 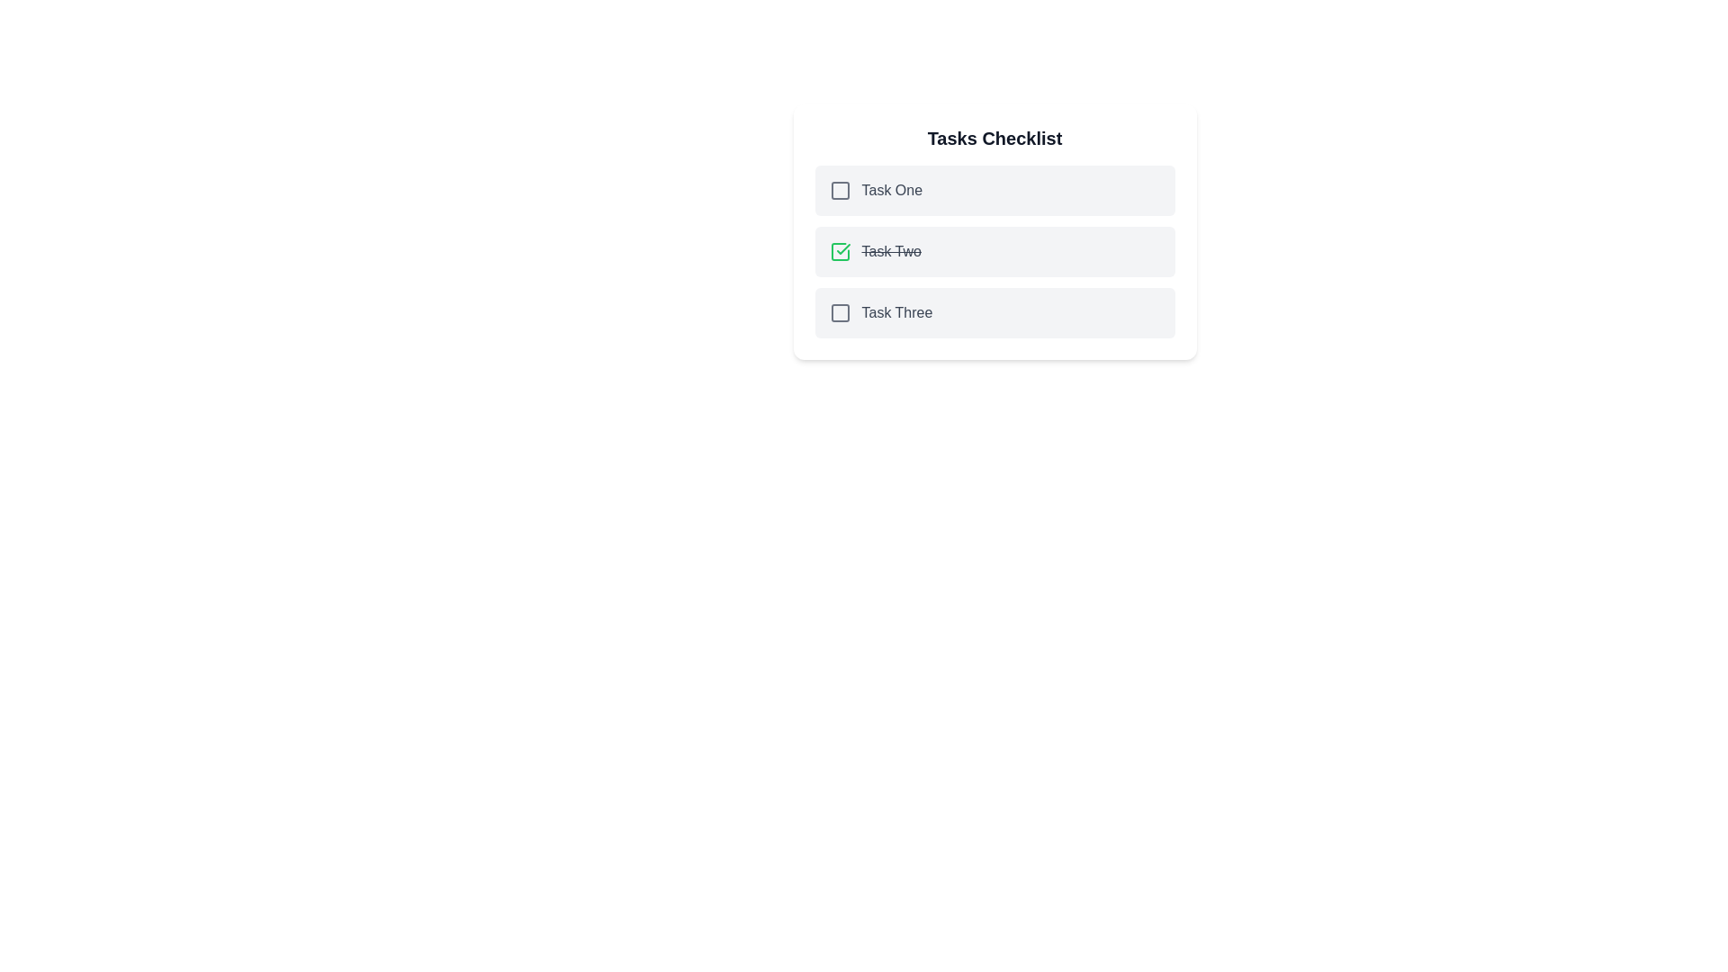 What do you see at coordinates (994, 231) in the screenshot?
I see `the task labeled 'Task Two' in the checklist` at bounding box center [994, 231].